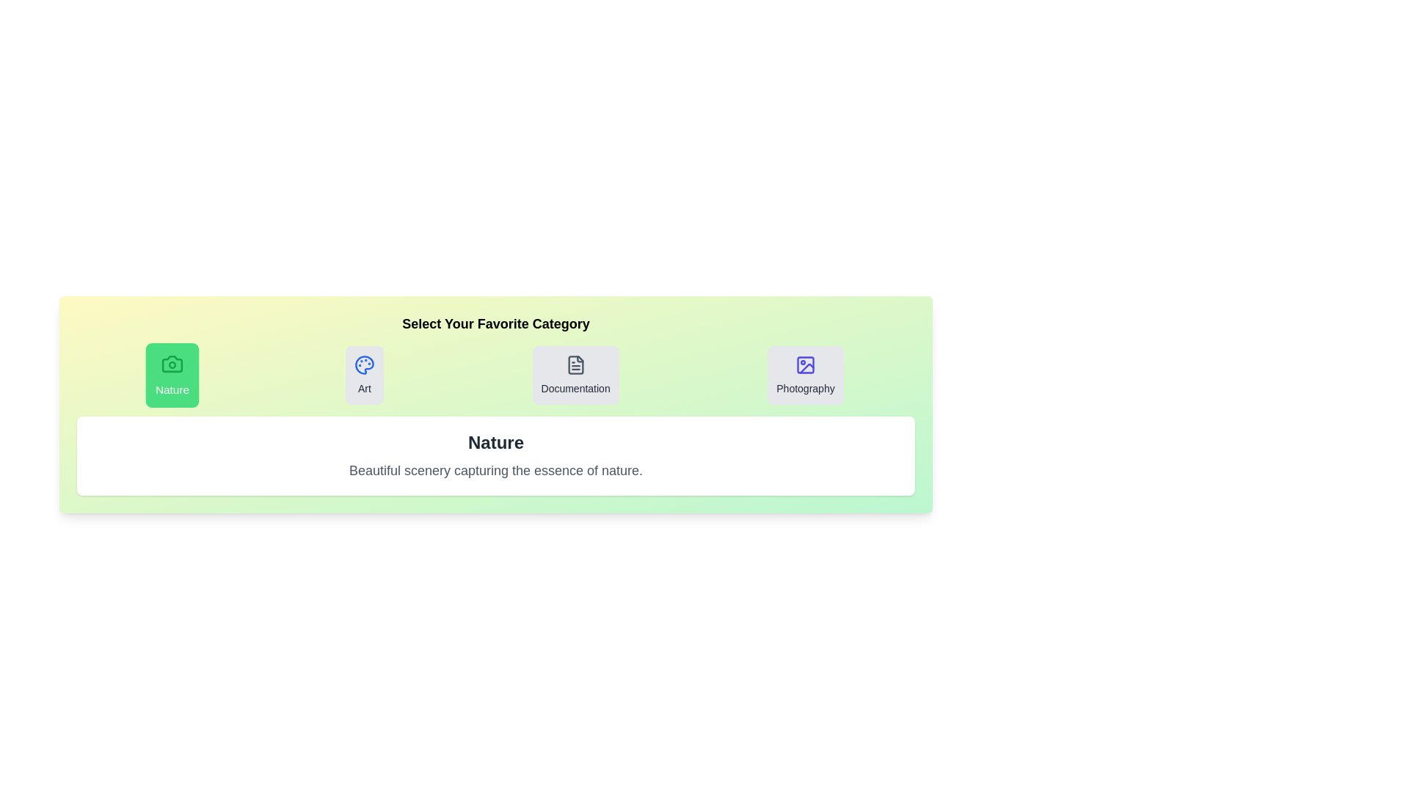  What do you see at coordinates (364, 375) in the screenshot?
I see `the 'Art' category tab` at bounding box center [364, 375].